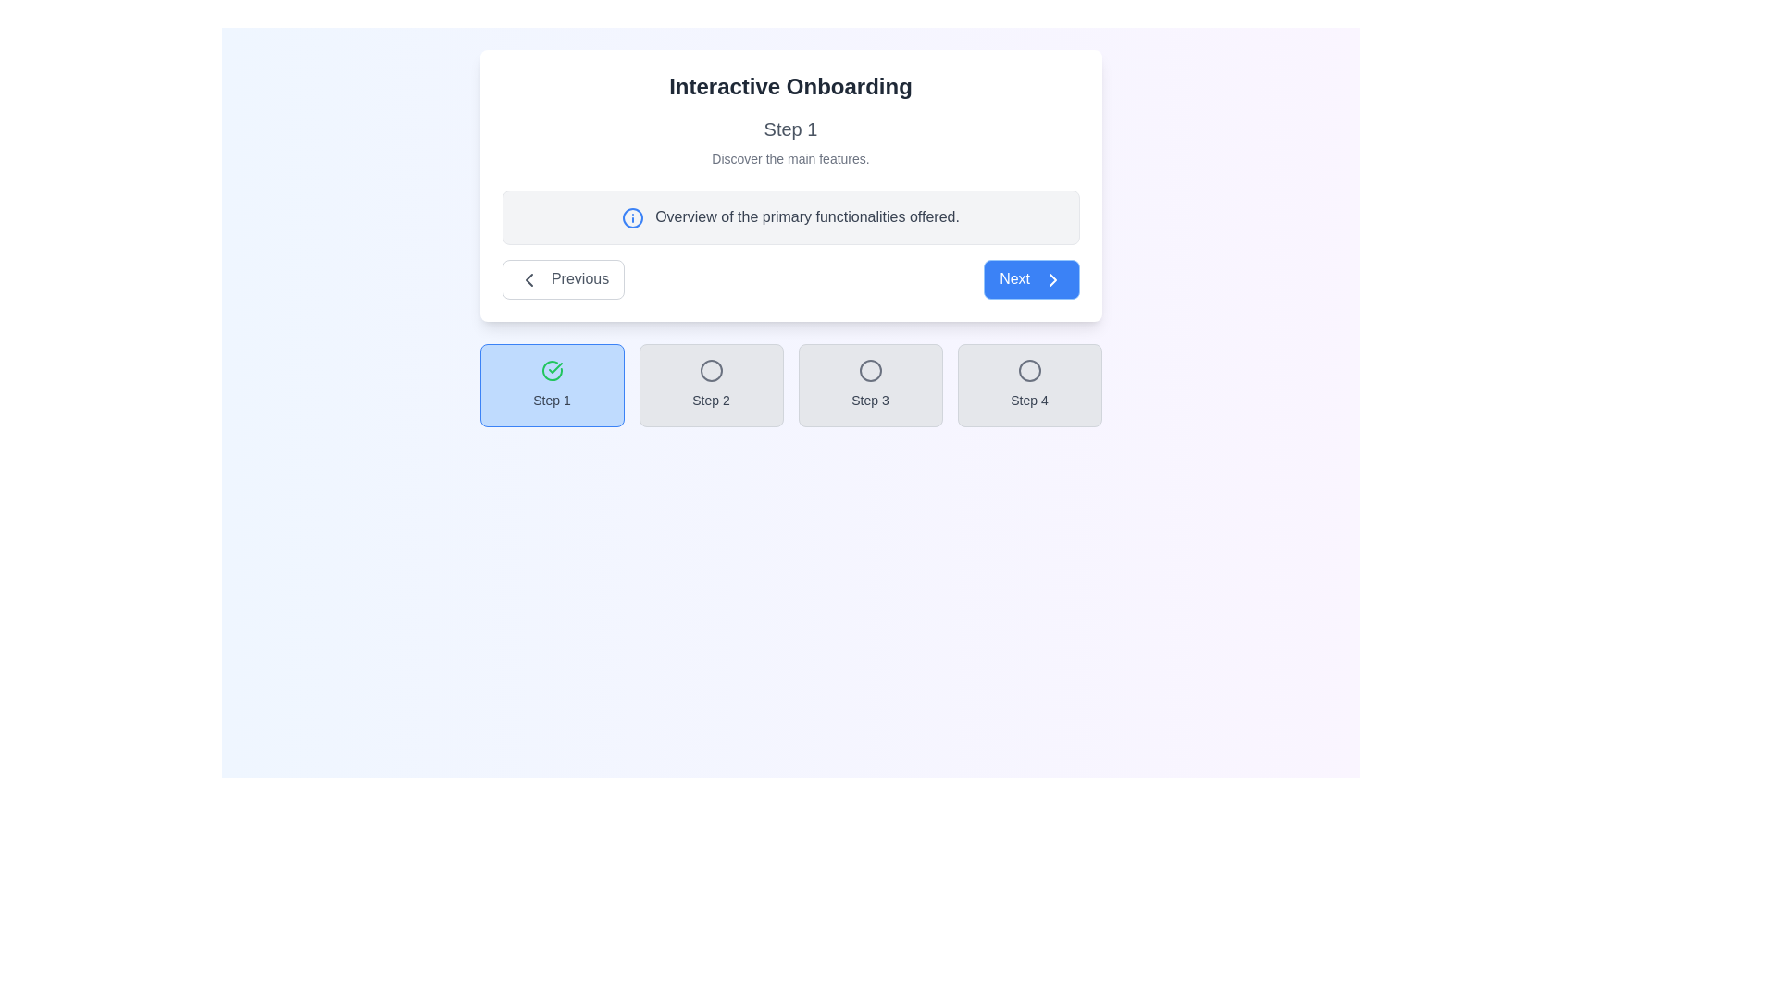 This screenshot has height=999, width=1777. Describe the element at coordinates (1052, 279) in the screenshot. I see `the directional icon within the SVG structure of the 'Next' button located at the bottom right of the content card` at that location.